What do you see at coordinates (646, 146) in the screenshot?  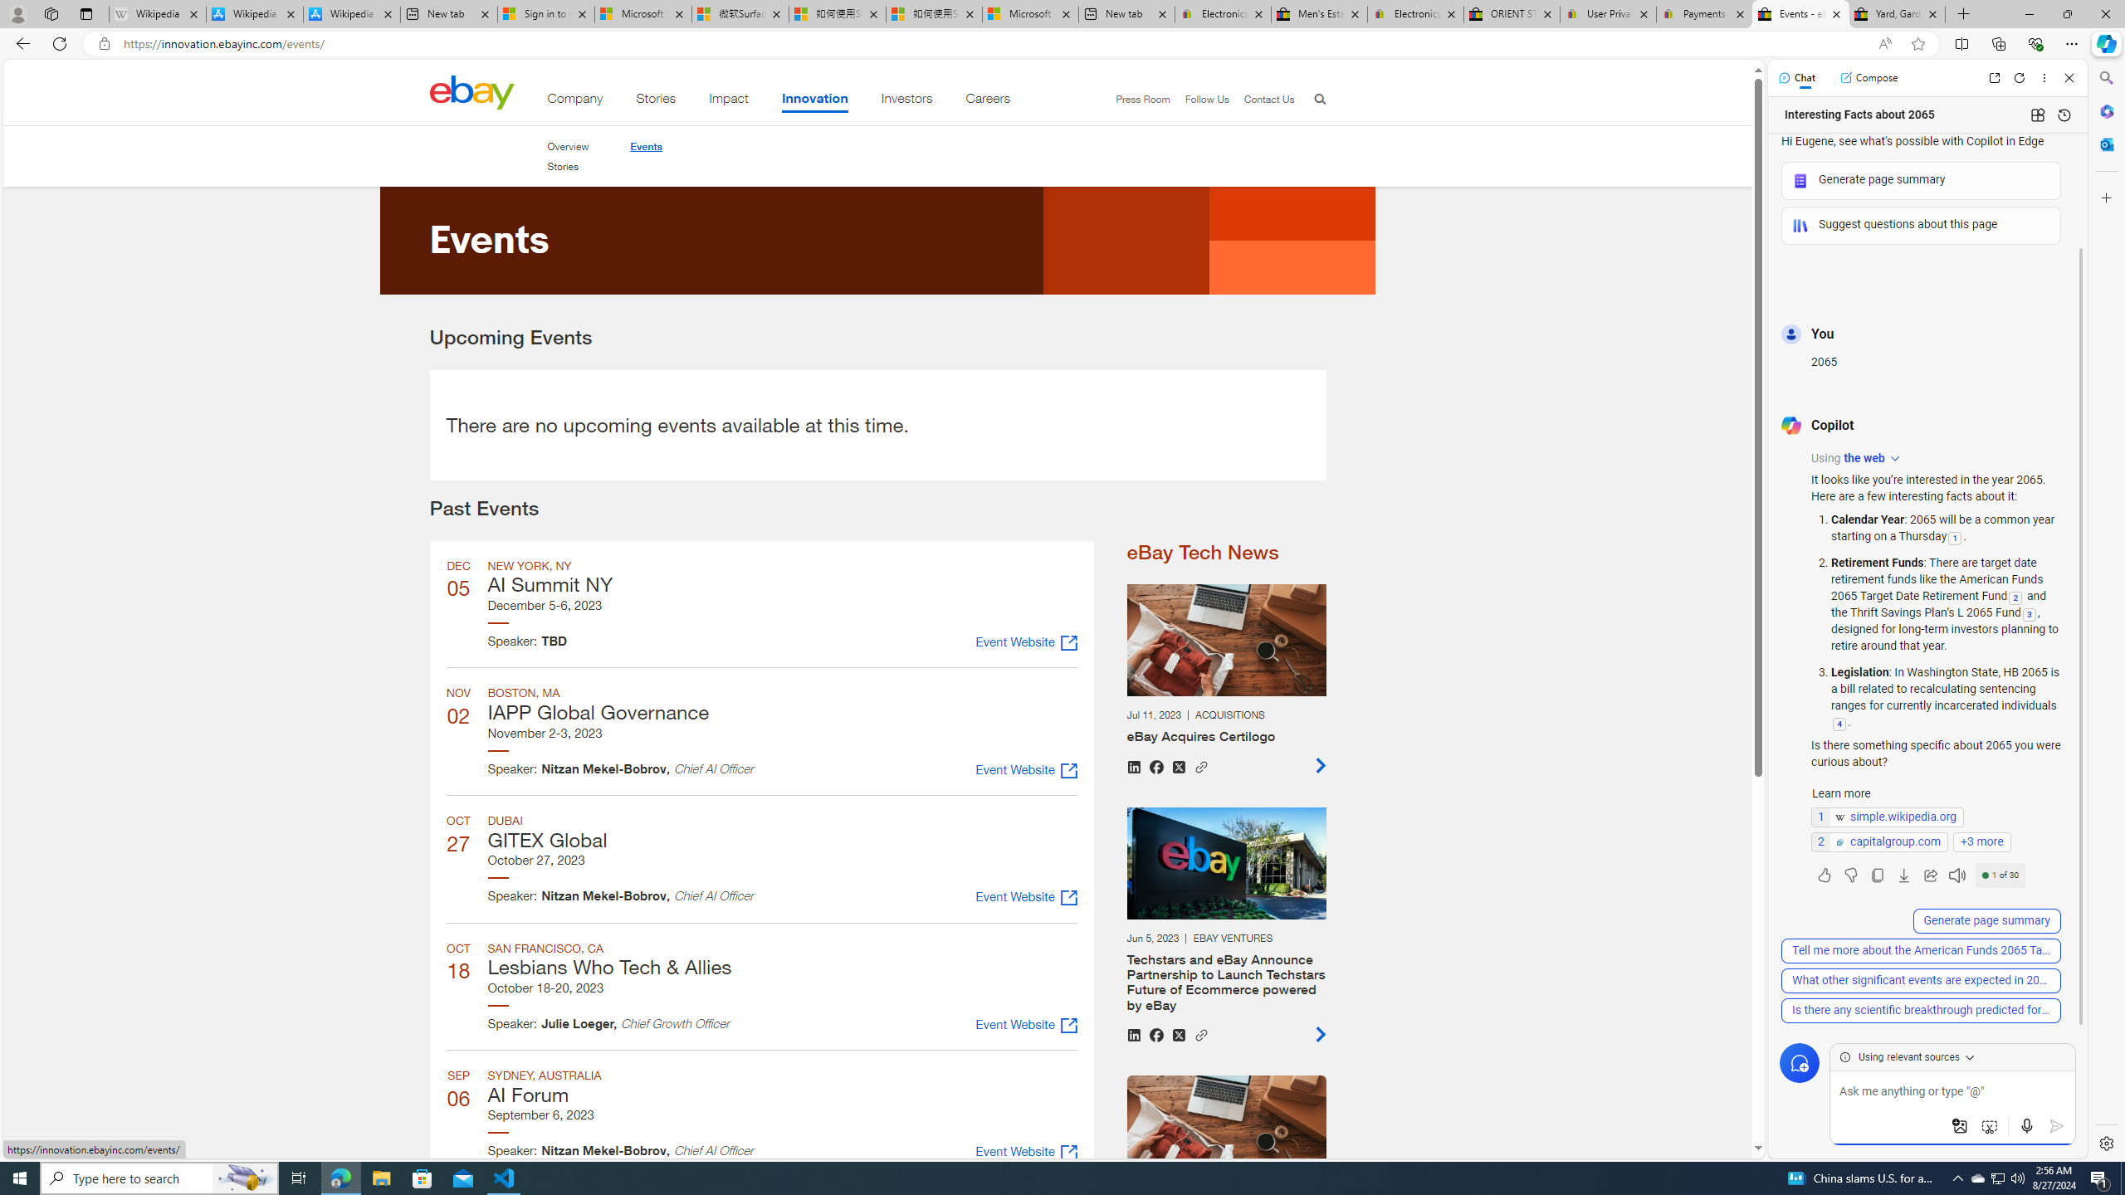 I see `'Events'` at bounding box center [646, 146].